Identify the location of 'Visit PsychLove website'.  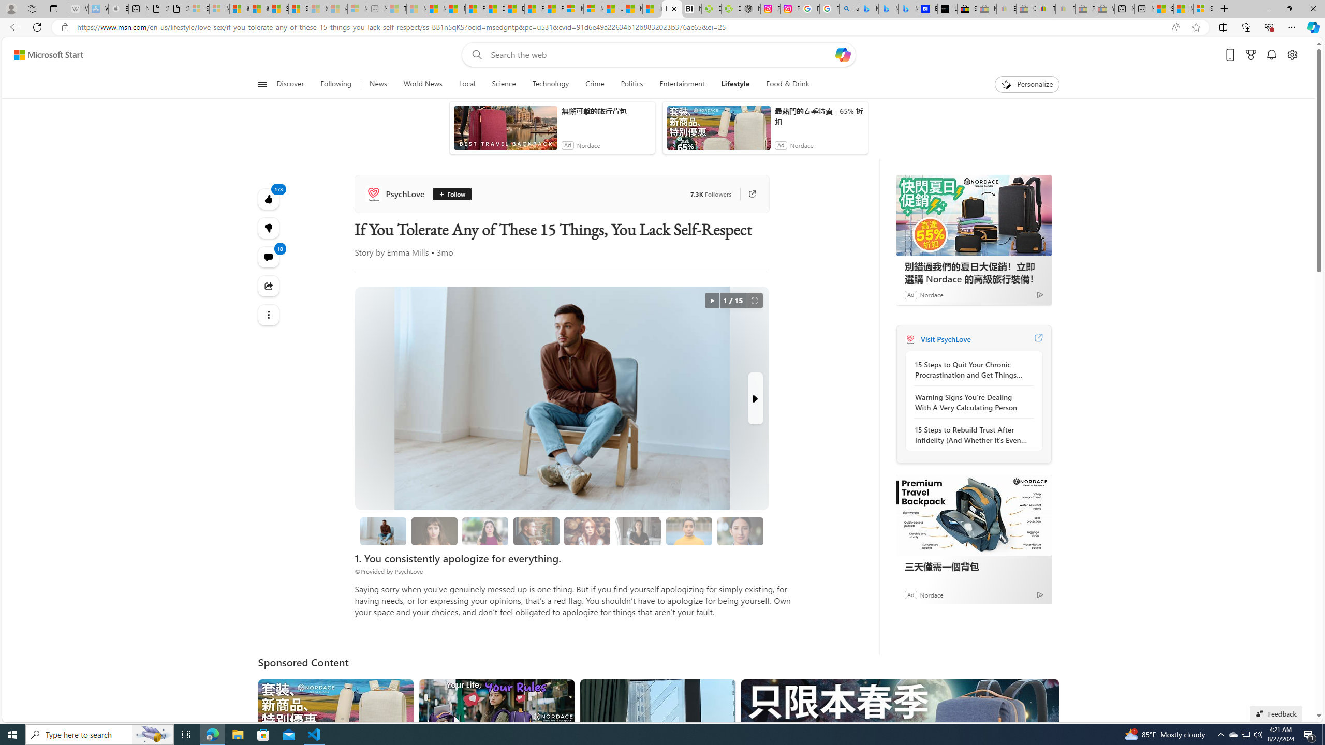
(1038, 338).